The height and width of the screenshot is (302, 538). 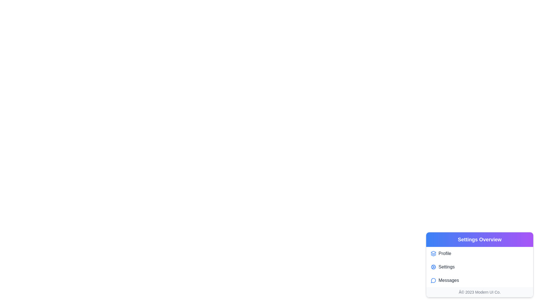 I want to click on the 'Settings' text label, so click(x=446, y=267).